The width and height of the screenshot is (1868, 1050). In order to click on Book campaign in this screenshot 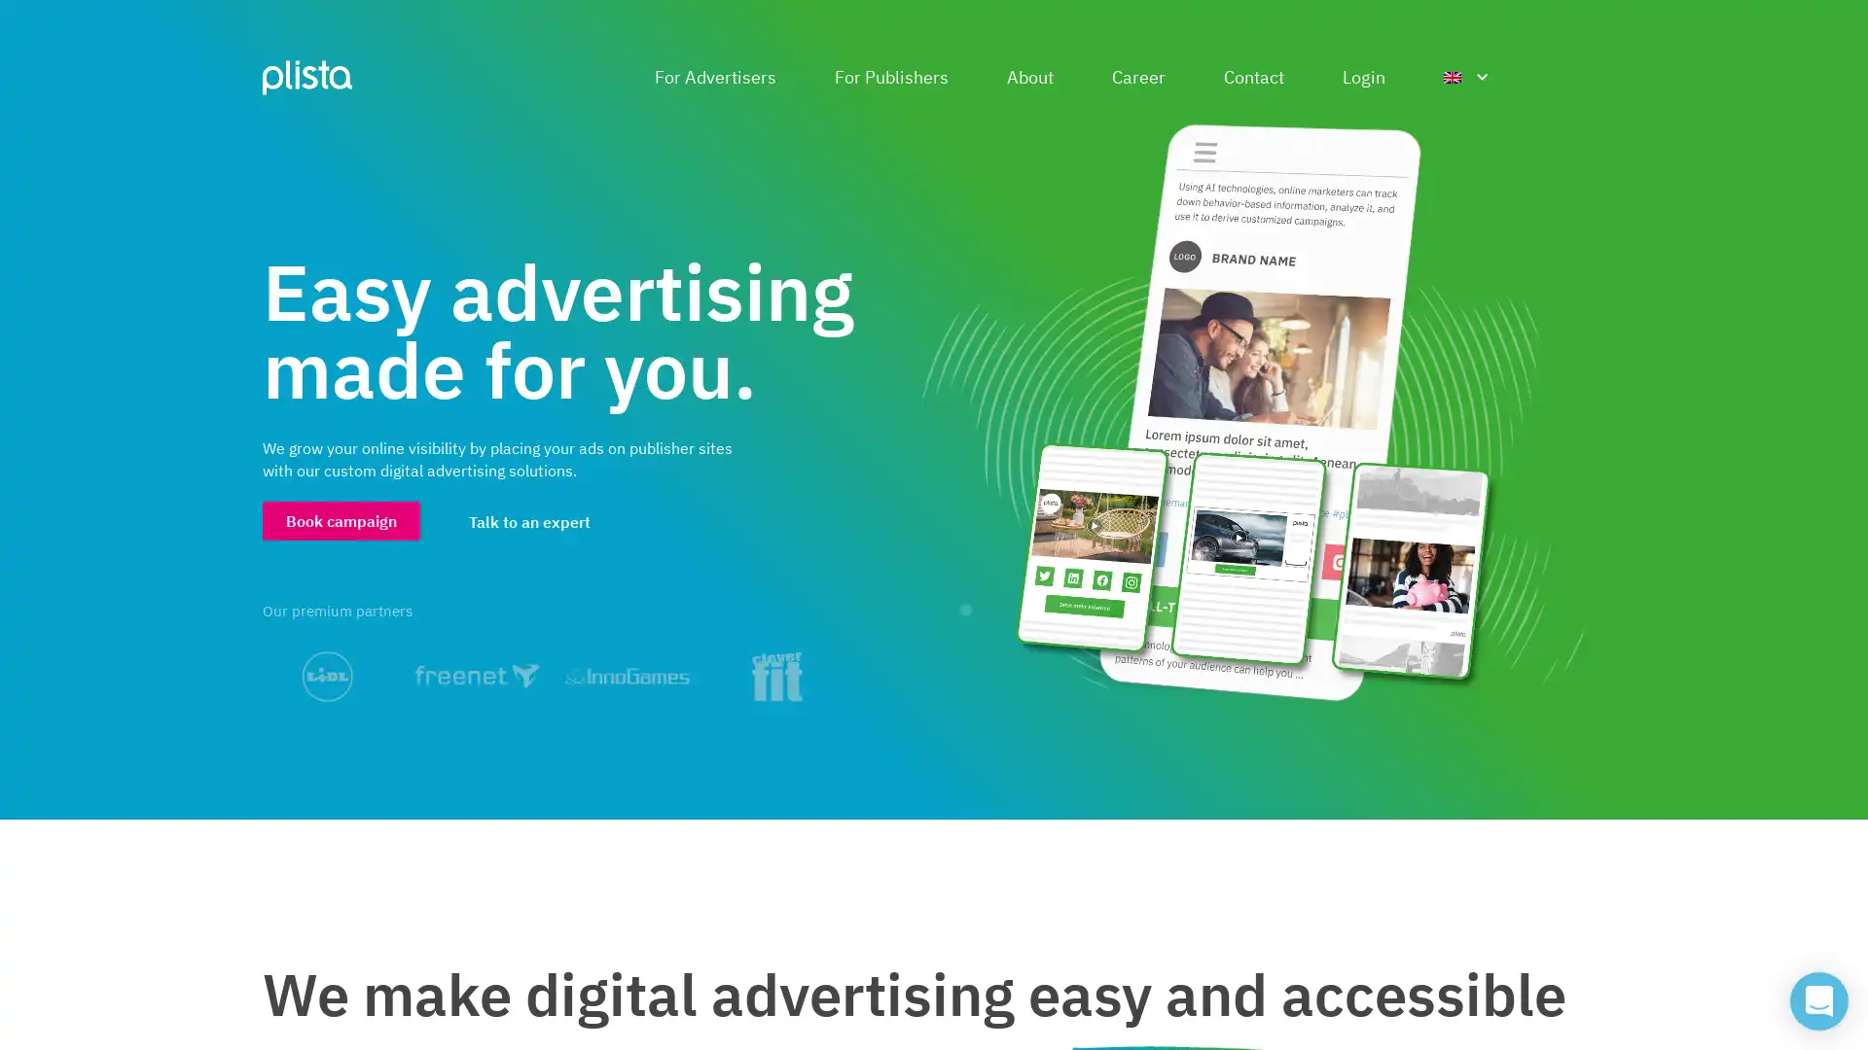, I will do `click(341, 519)`.